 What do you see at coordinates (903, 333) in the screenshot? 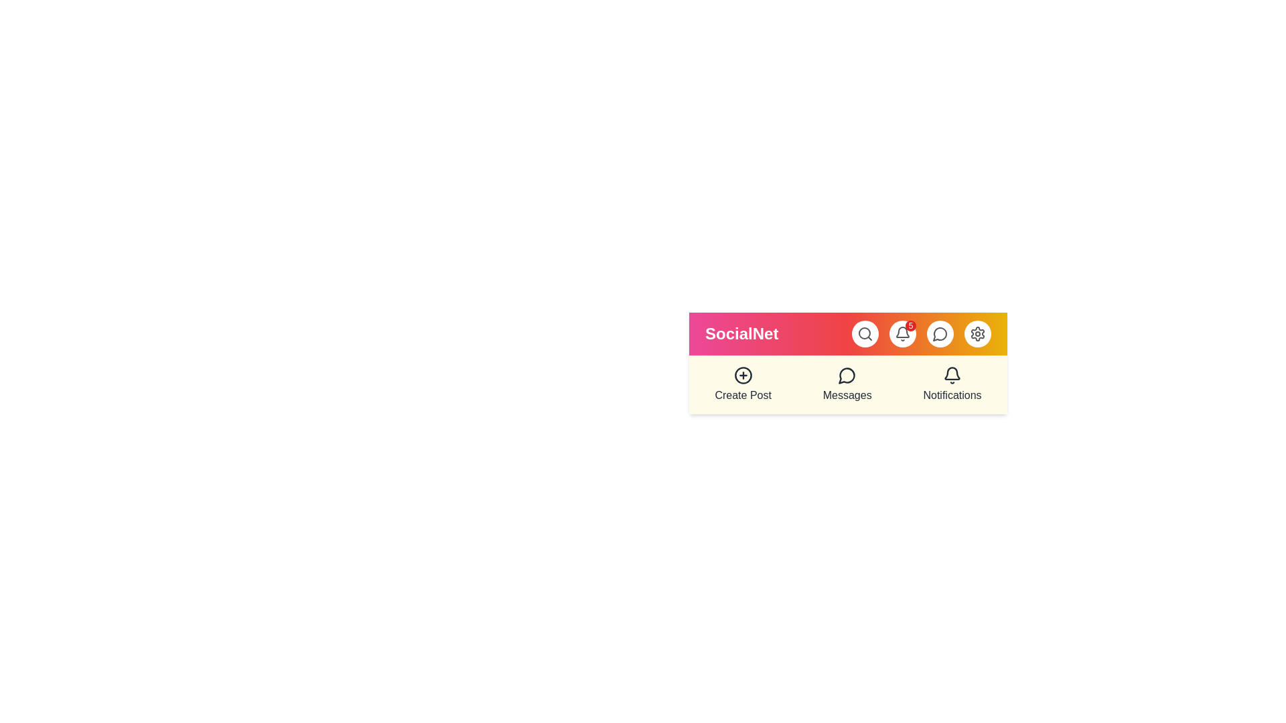
I see `the bell icon to view notifications` at bounding box center [903, 333].